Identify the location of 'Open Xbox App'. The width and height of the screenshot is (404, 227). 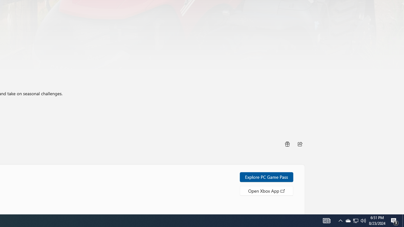
(266, 190).